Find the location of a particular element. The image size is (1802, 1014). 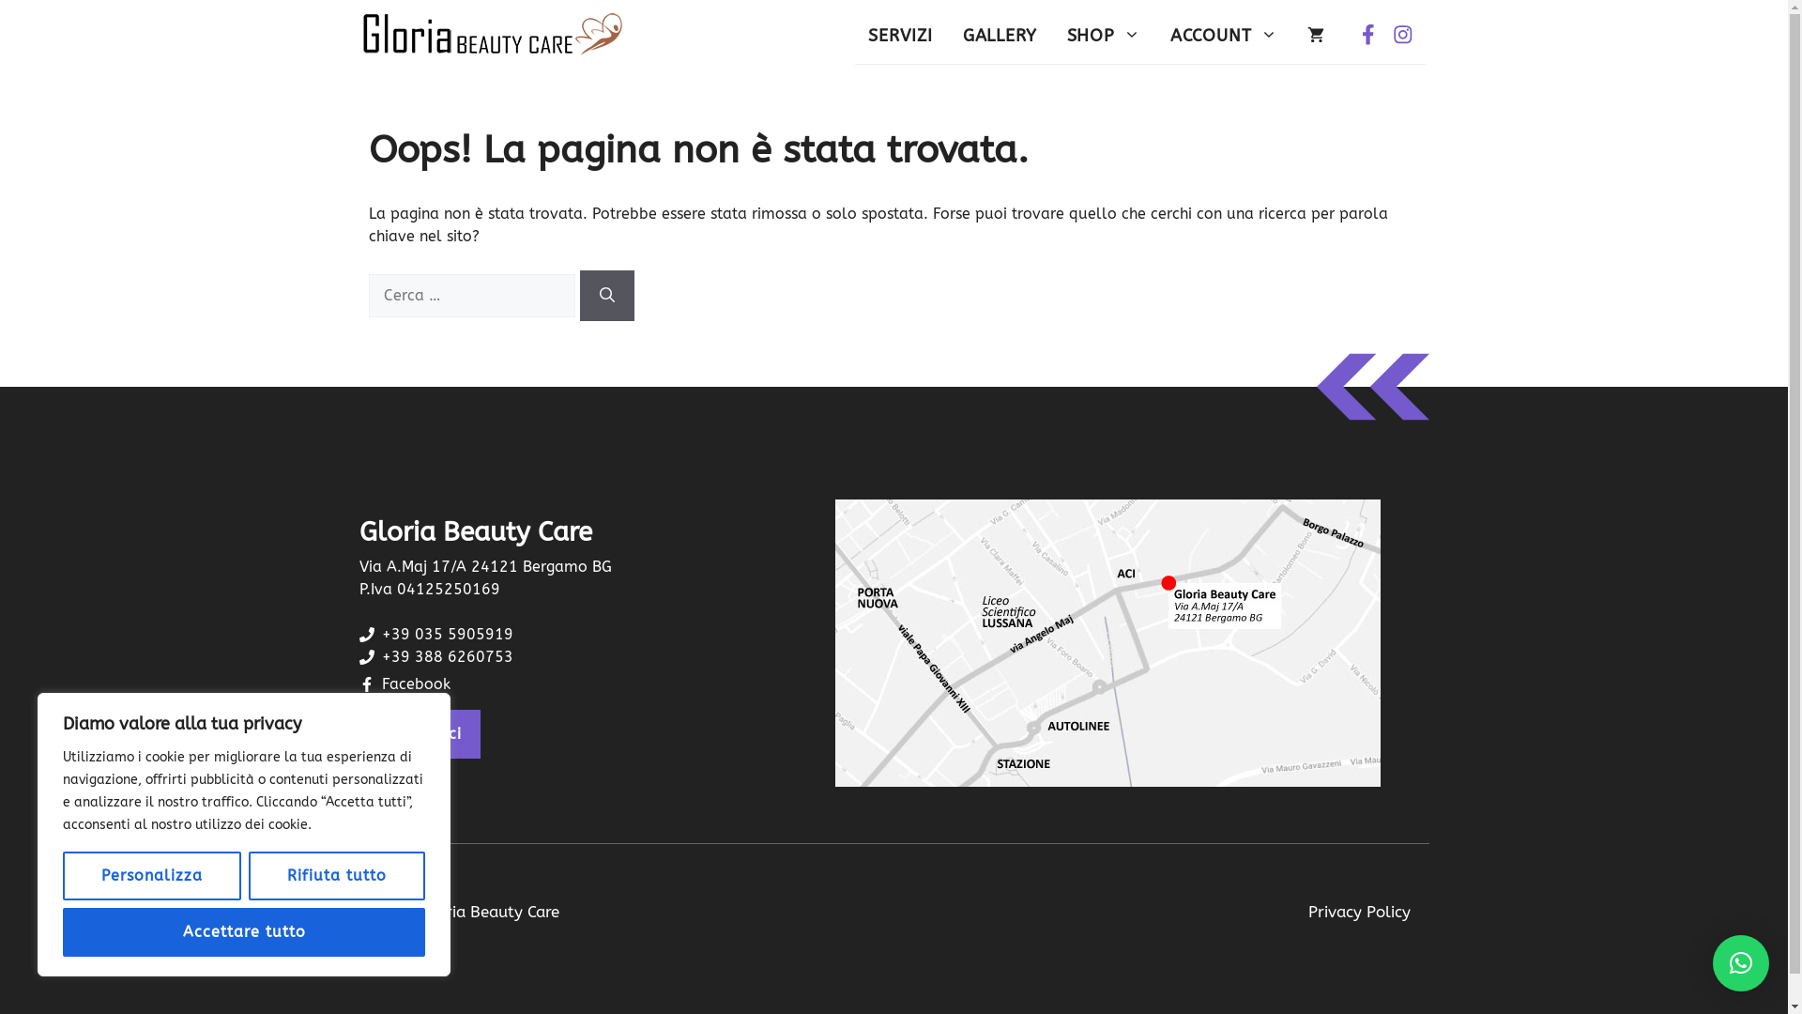

'Facebook' is located at coordinates (380, 684).